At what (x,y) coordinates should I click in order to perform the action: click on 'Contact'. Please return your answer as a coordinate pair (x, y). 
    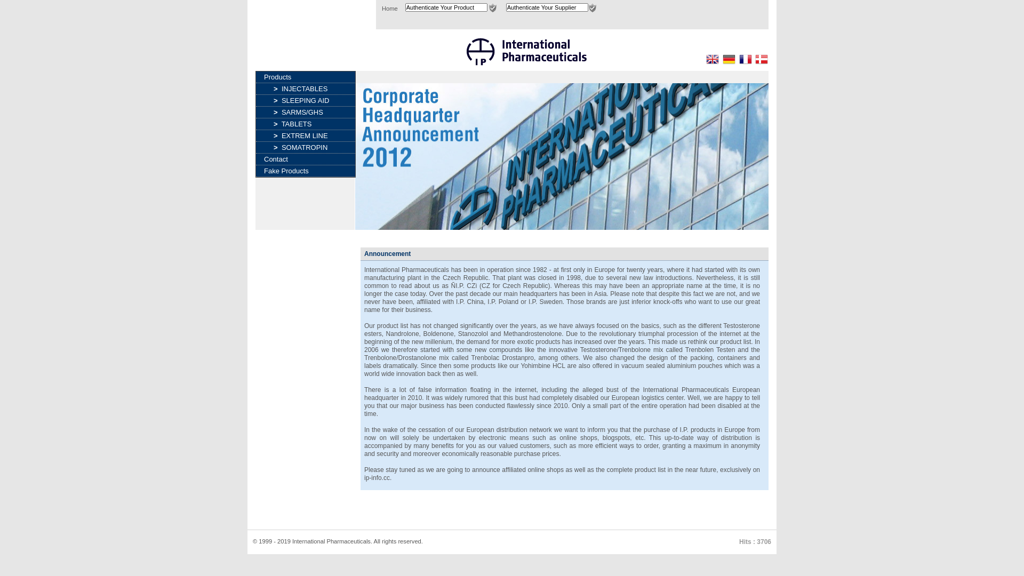
    Looking at the image, I should click on (305, 159).